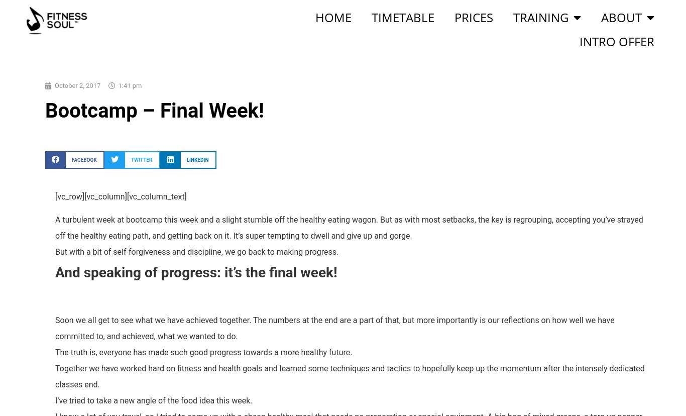 The image size is (686, 416). I want to click on 'Twitter', so click(131, 159).